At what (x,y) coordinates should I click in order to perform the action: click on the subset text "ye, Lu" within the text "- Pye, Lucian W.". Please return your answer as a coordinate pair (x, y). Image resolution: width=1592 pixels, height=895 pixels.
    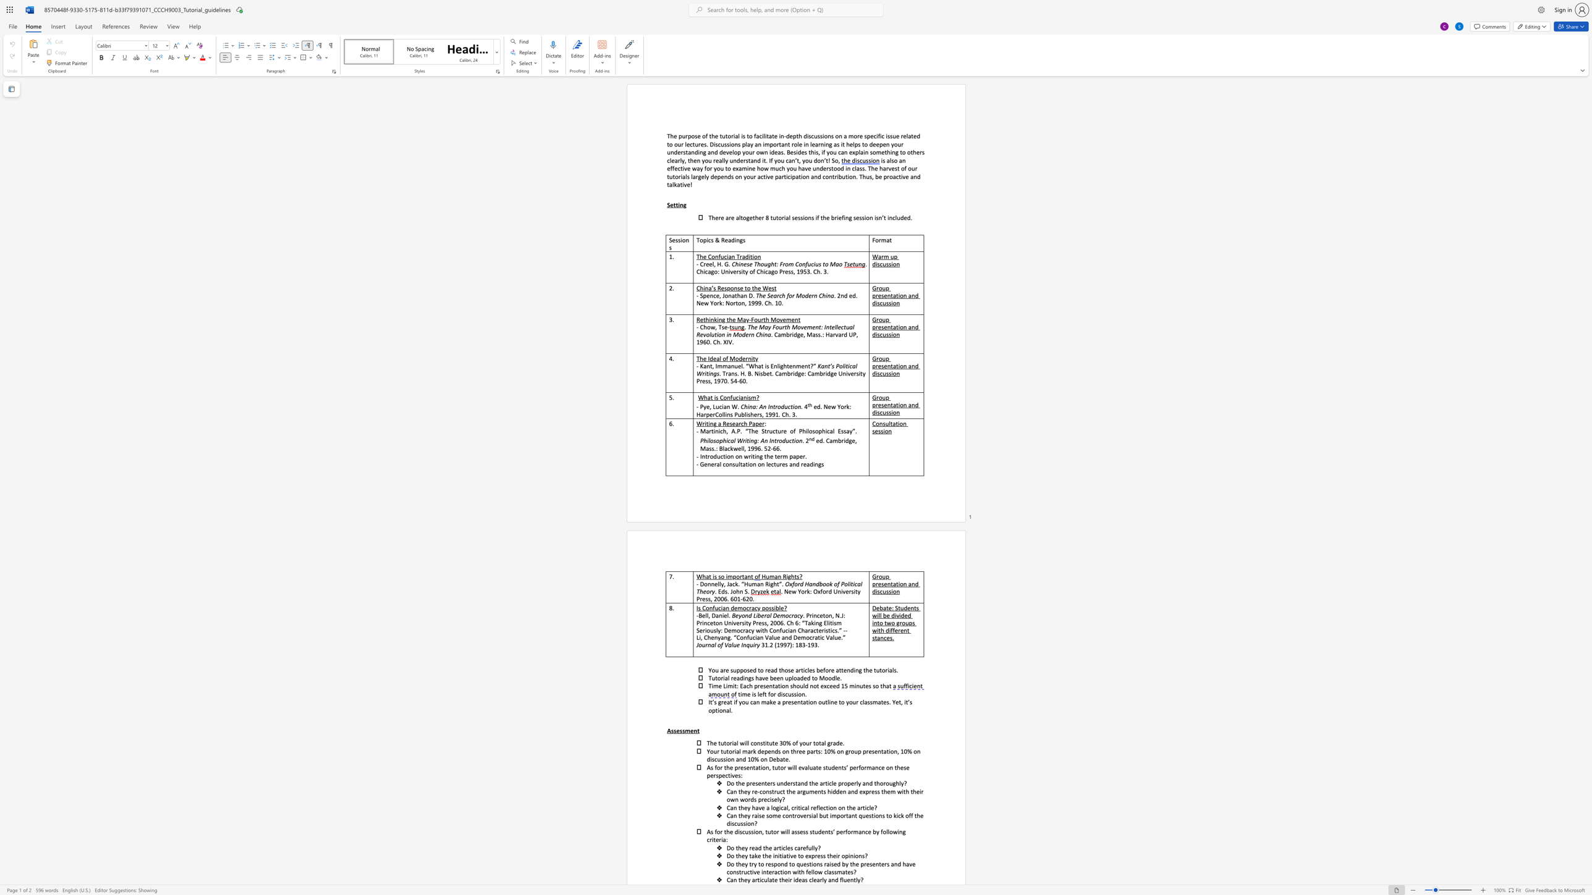
    Looking at the image, I should click on (703, 406).